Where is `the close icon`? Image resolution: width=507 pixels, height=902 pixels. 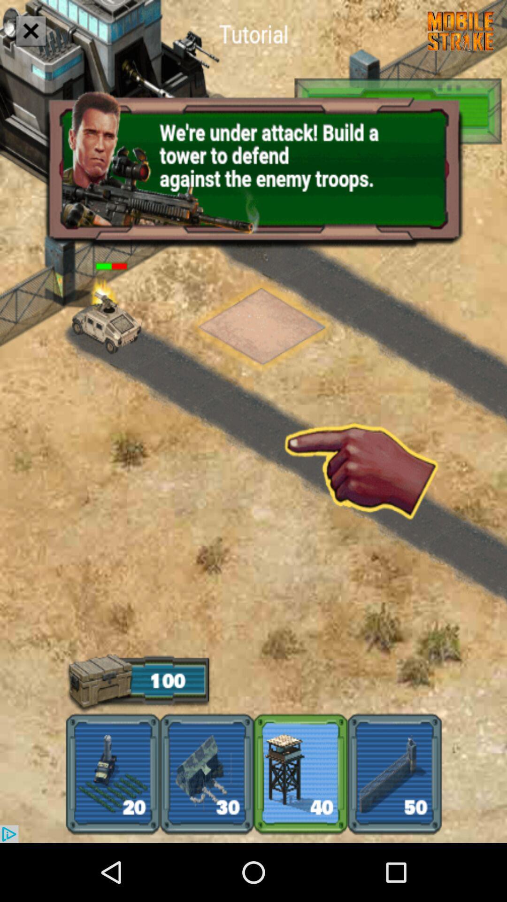
the close icon is located at coordinates (30, 33).